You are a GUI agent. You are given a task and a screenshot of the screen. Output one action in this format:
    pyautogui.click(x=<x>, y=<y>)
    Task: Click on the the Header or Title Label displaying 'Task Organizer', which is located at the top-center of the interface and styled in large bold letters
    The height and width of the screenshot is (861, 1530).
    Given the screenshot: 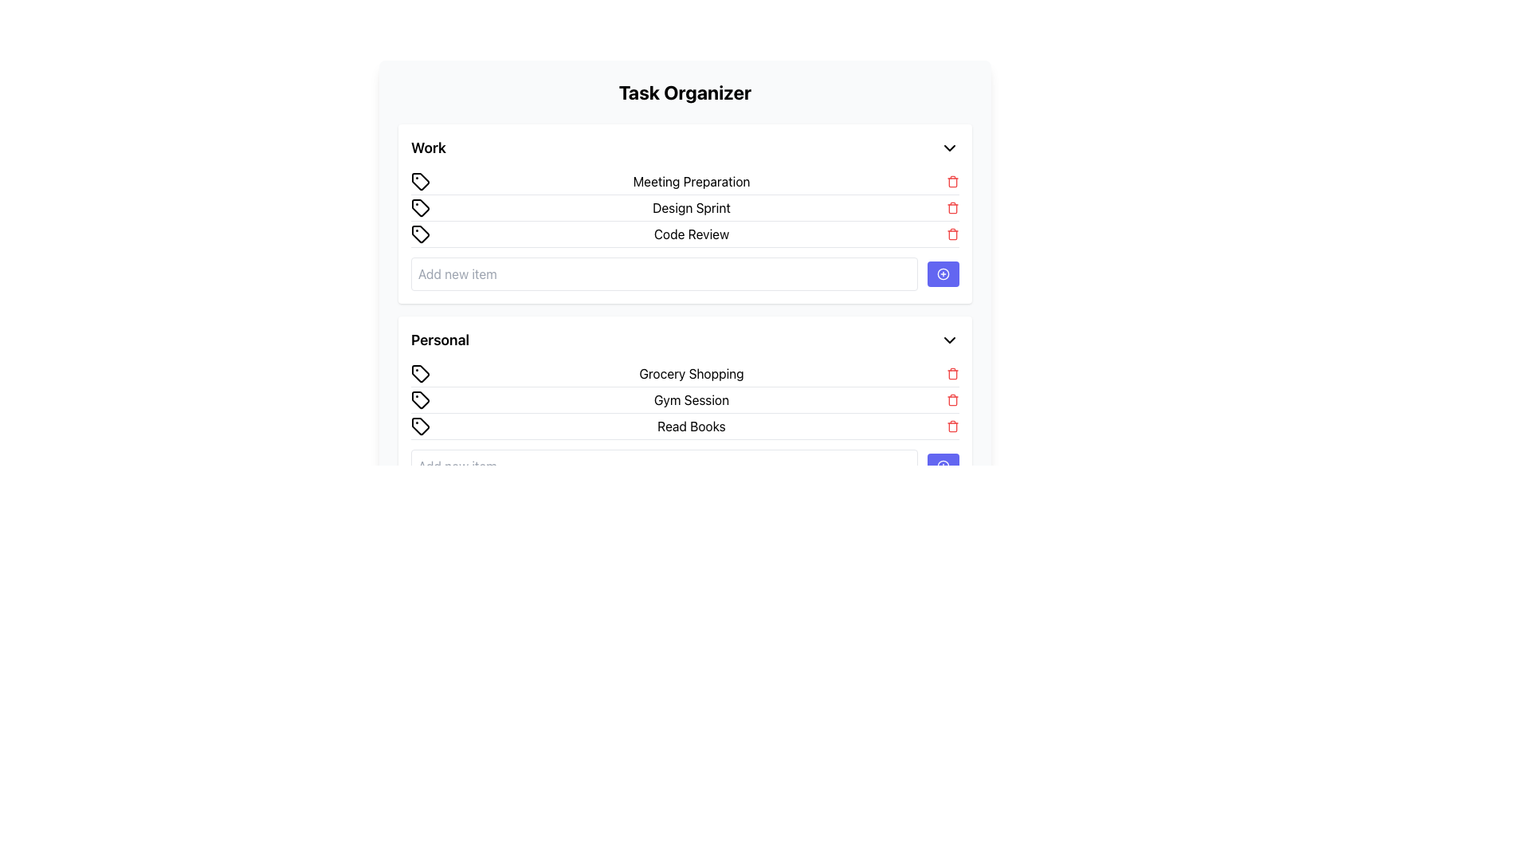 What is the action you would take?
    pyautogui.click(x=685, y=92)
    